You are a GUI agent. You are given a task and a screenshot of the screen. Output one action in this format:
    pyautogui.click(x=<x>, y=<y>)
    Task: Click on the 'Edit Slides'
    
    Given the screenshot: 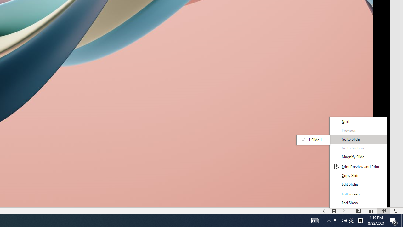 What is the action you would take?
    pyautogui.click(x=358, y=184)
    